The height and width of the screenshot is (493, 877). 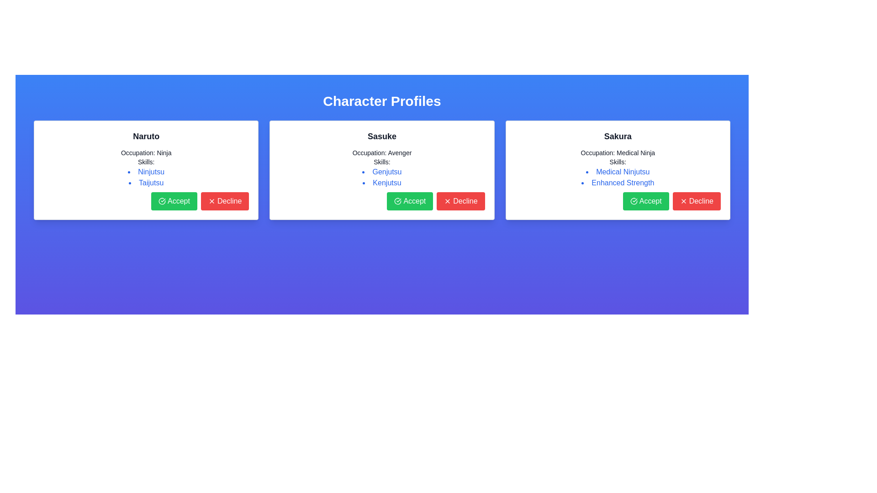 I want to click on the red 'Decline' button with a white 'X' icon located at the bottom-right corner of the card labeled 'Naruto', so click(x=225, y=200).